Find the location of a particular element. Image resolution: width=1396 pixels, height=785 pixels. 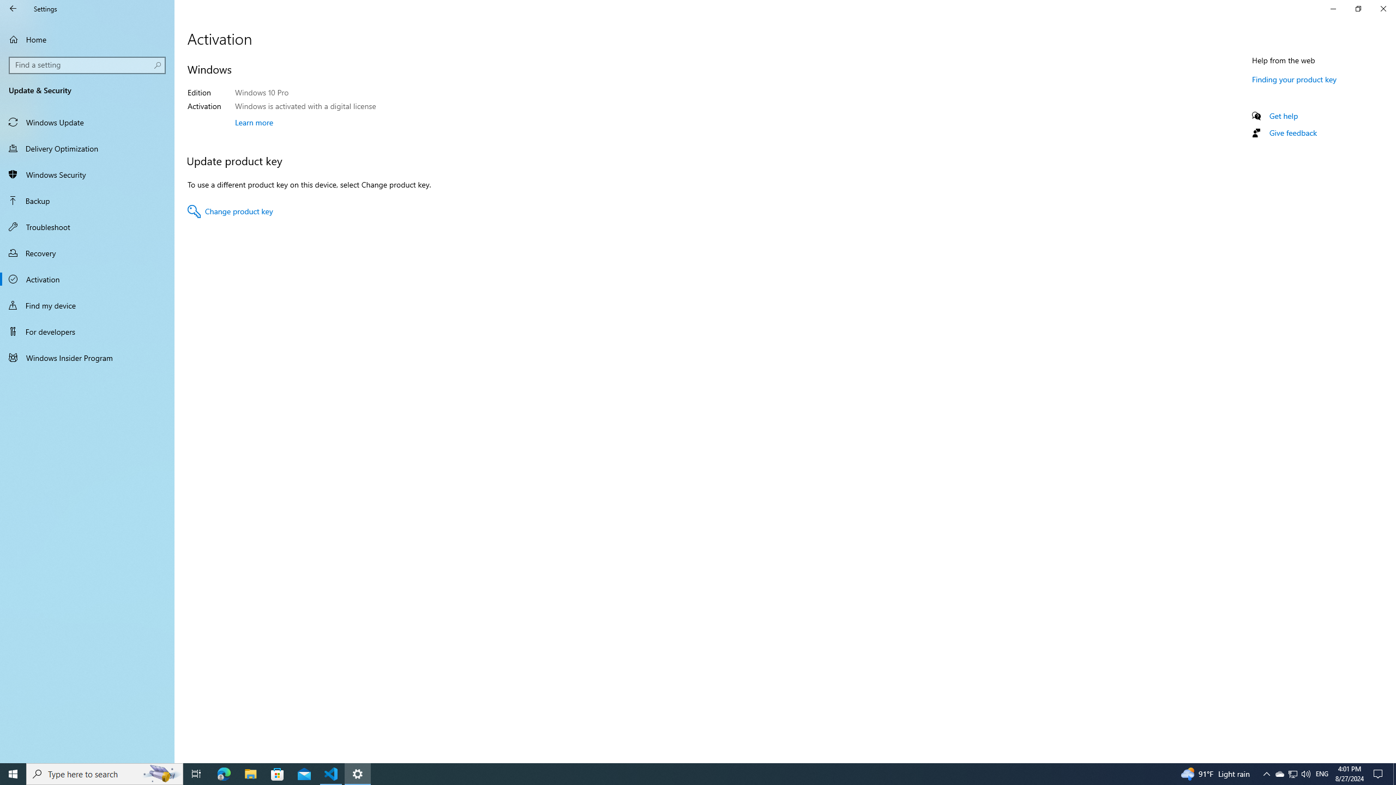

'Give feedback' is located at coordinates (1292, 132).